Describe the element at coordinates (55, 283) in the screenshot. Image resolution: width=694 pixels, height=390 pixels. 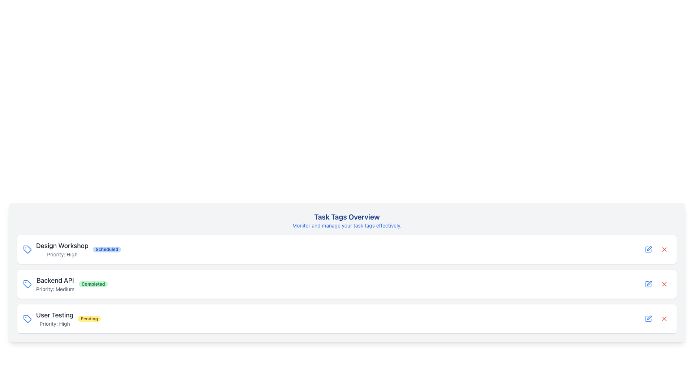
I see `the text block that identifies the task as 'Backend API' with a priority level of 'Medium', located between the 'Design Workshop' and 'User Testing' rows` at that location.